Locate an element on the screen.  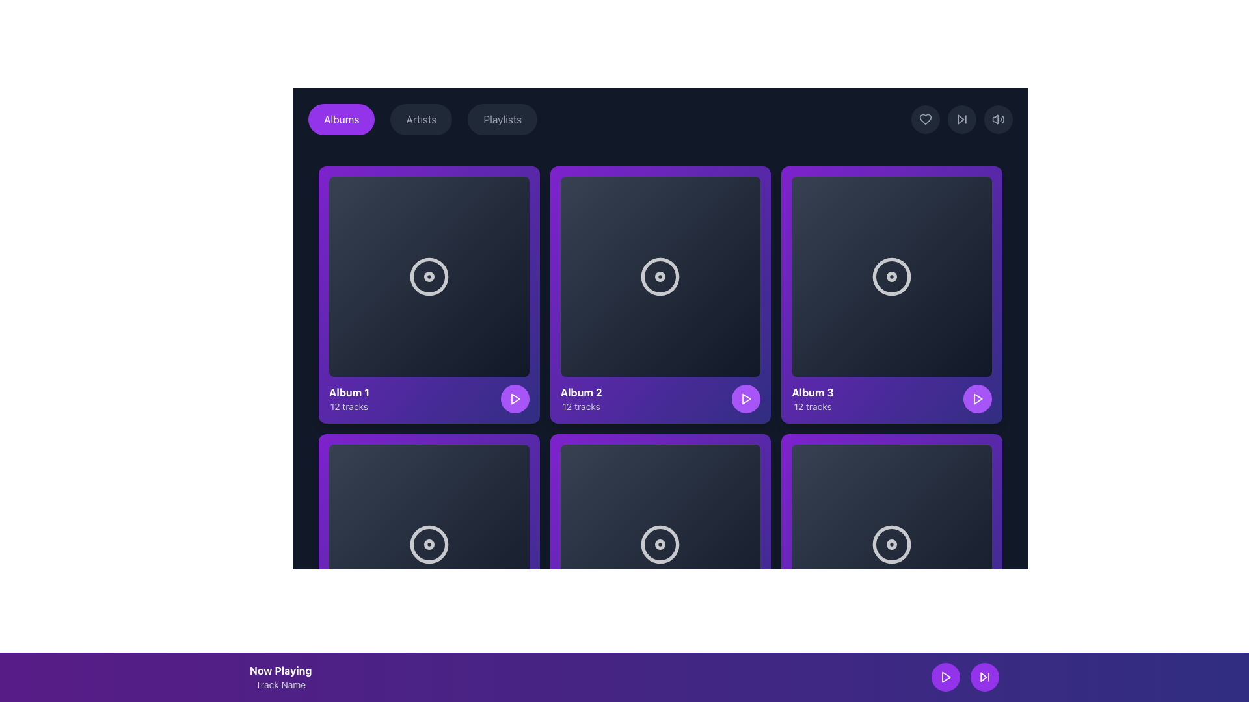
the play button located at the bottom-right of the card labeled 'Album 2' to initiate playback is located at coordinates (515, 398).